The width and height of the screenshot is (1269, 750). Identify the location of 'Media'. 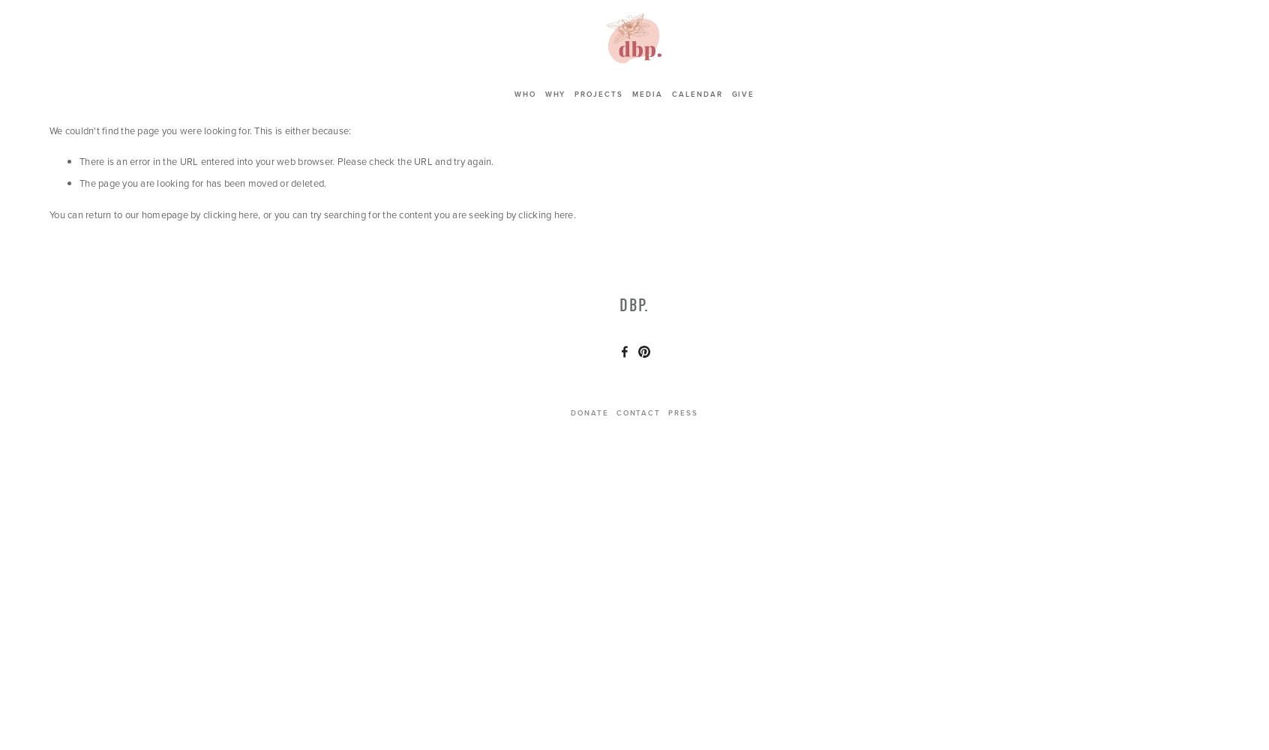
(646, 94).